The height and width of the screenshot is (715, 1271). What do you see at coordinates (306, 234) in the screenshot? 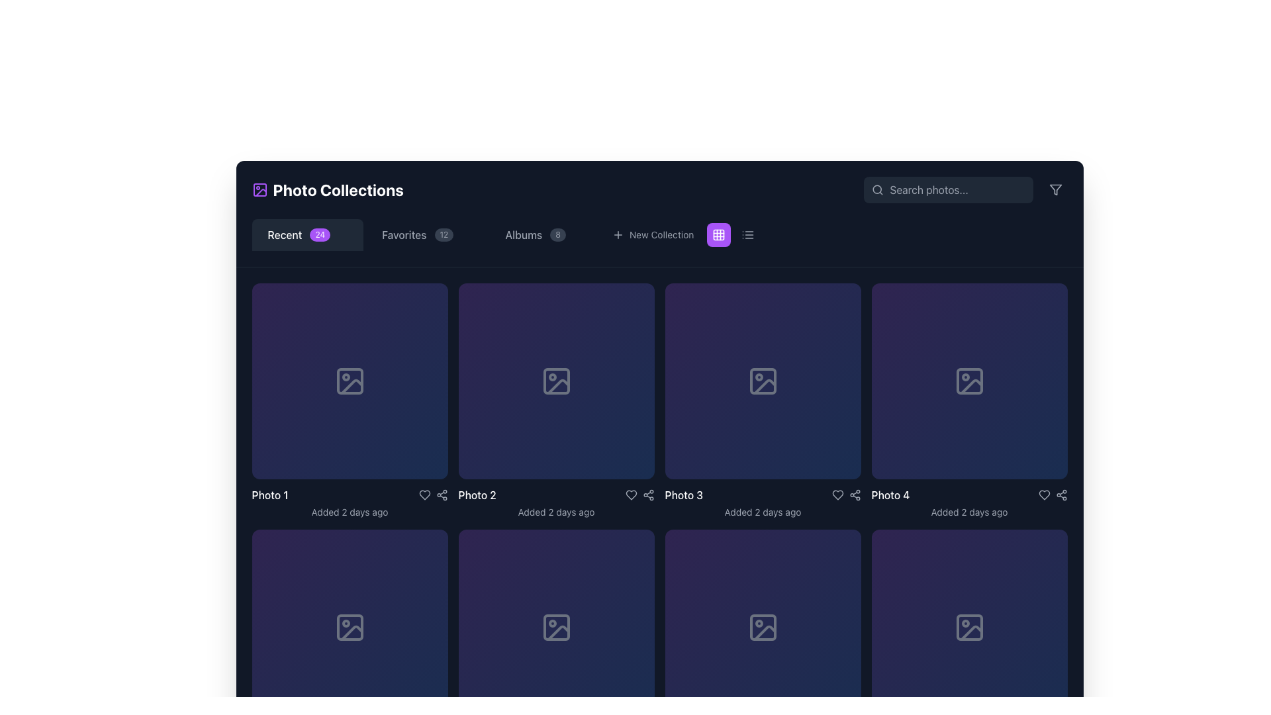
I see `the 'Recent' button` at bounding box center [306, 234].